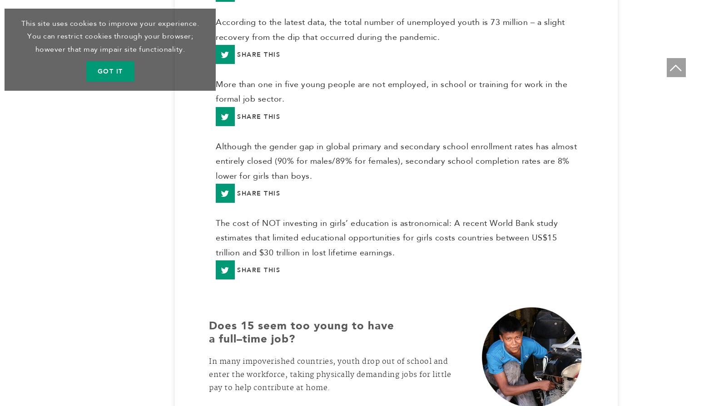  What do you see at coordinates (110, 36) in the screenshot?
I see `'This site uses cookies to improve your experience. You can restrict cookies through your browser; however that may impair site functionality.'` at bounding box center [110, 36].